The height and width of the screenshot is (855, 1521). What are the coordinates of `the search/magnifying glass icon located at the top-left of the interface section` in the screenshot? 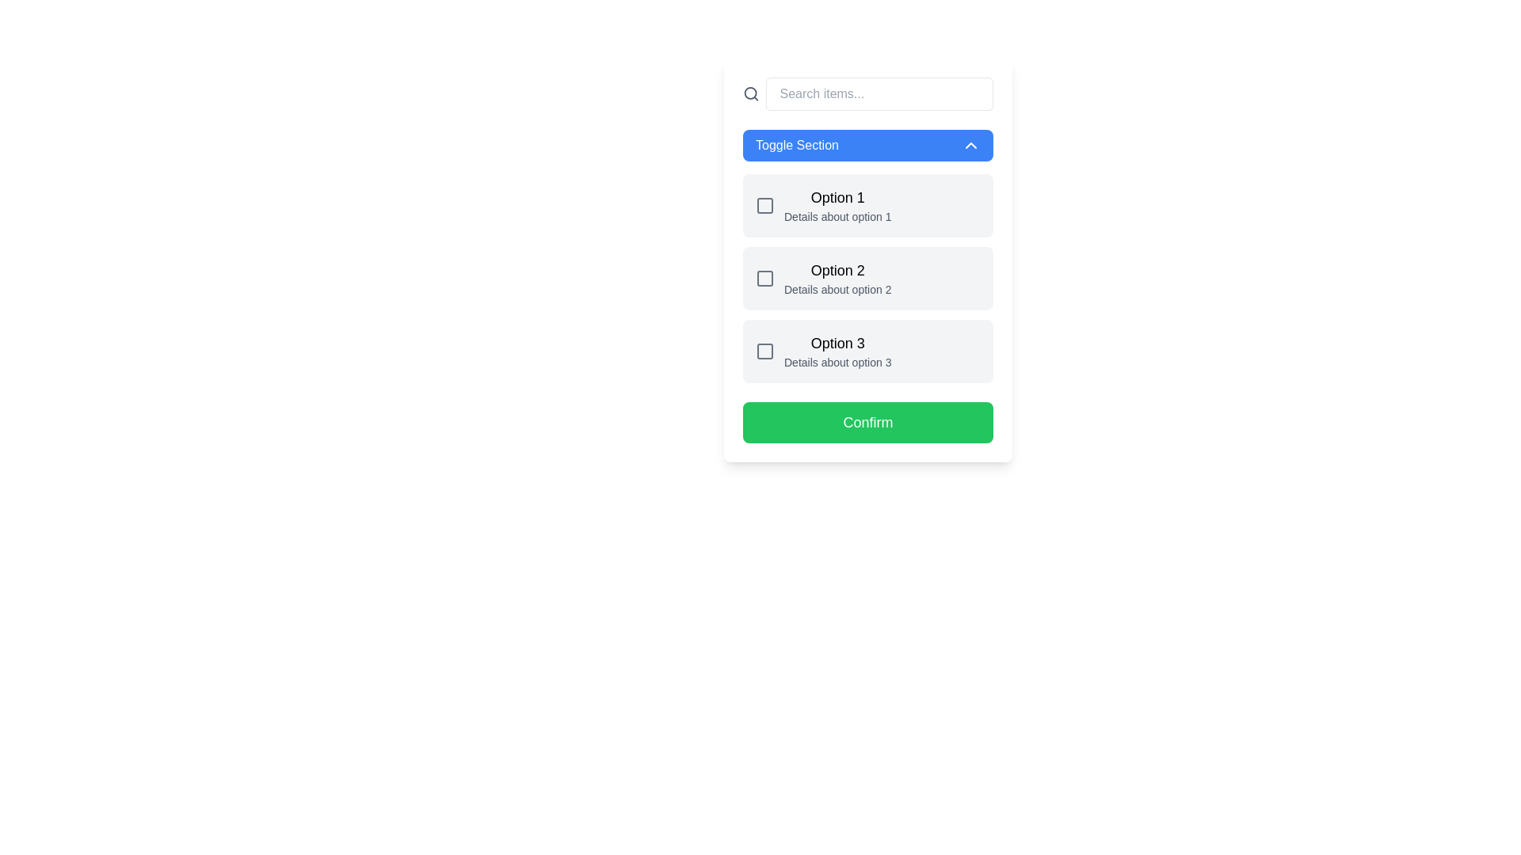 It's located at (750, 94).